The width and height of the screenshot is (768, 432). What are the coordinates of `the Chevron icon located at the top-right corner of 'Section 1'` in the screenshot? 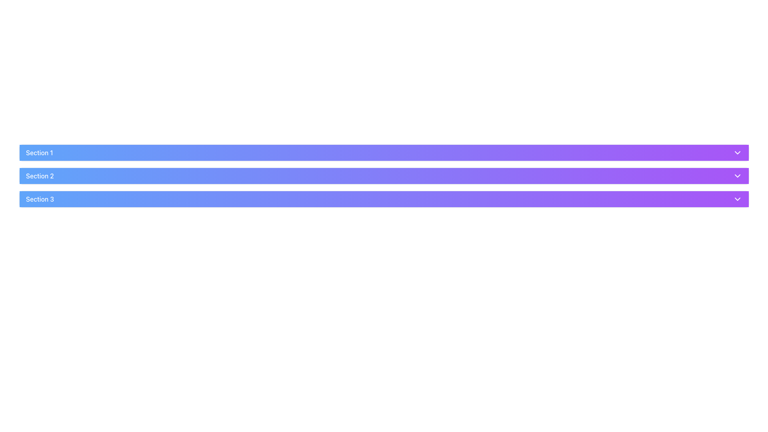 It's located at (737, 152).